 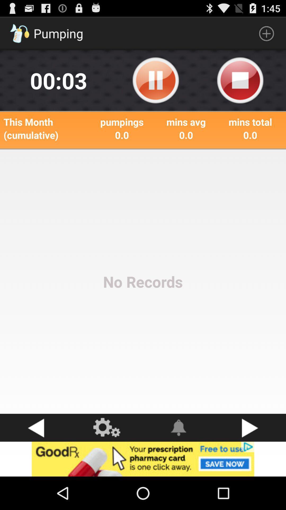 What do you see at coordinates (36, 457) in the screenshot?
I see `the arrow_backward icon` at bounding box center [36, 457].